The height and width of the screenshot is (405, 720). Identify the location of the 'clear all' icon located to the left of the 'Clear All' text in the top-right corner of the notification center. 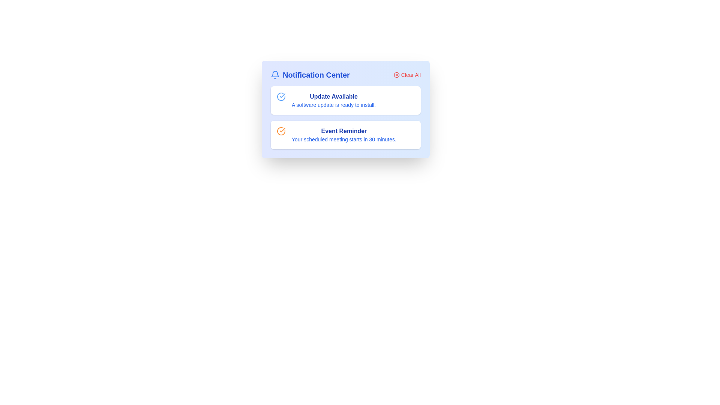
(396, 75).